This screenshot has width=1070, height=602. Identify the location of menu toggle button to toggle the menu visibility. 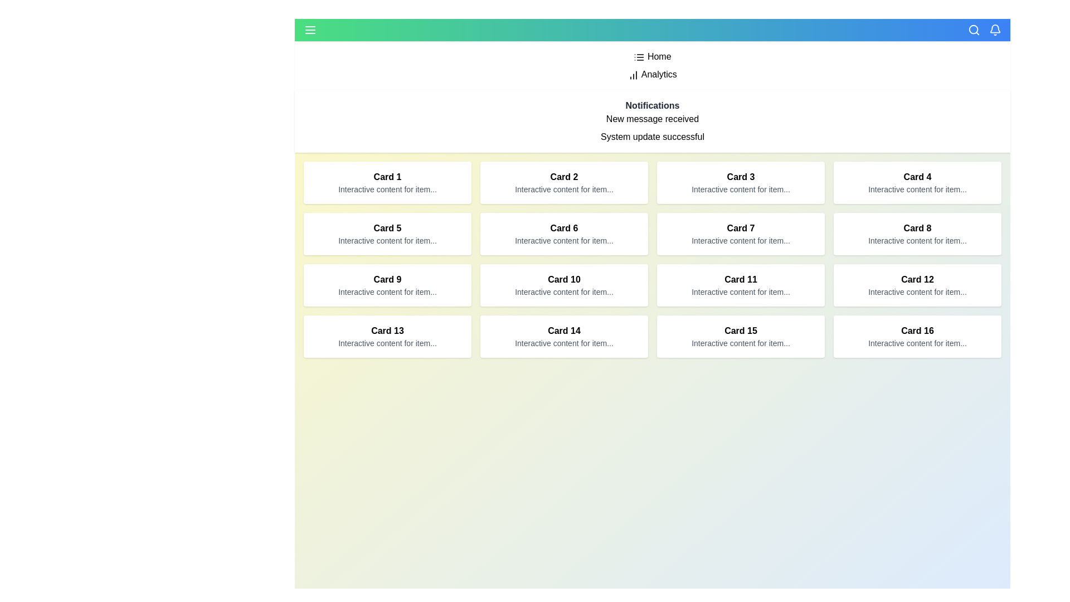
(310, 30).